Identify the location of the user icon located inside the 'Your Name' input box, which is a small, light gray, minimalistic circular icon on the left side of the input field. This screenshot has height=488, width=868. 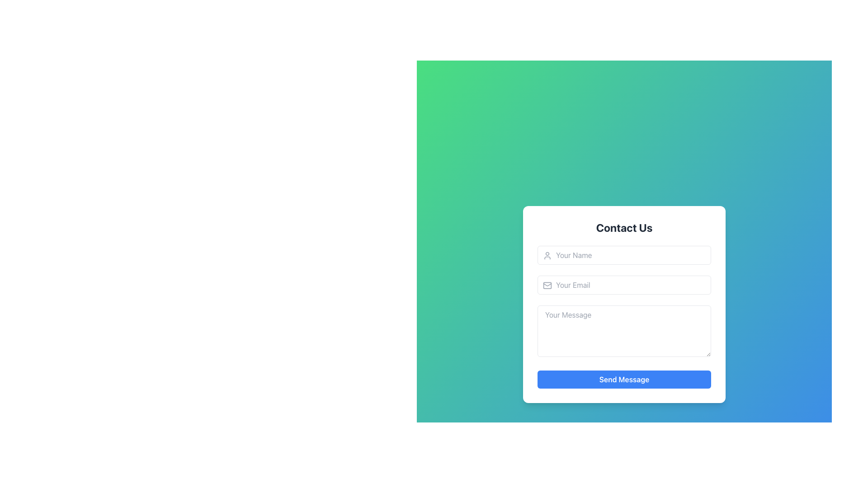
(547, 256).